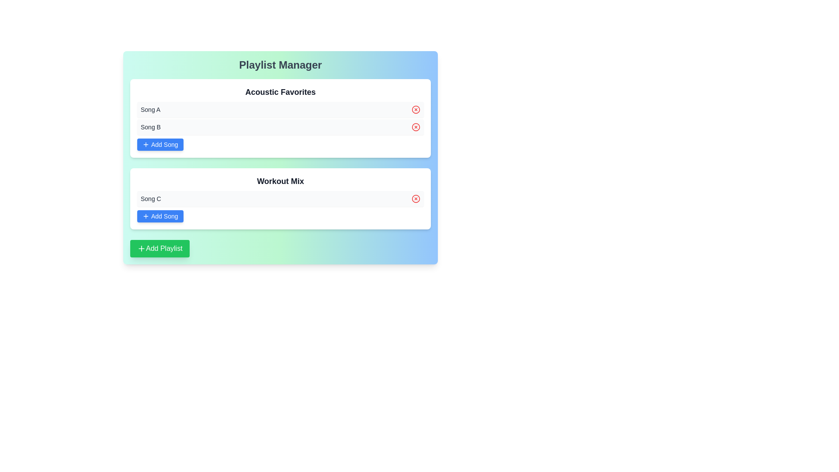  I want to click on the circular 'X' icon used to trigger the removal action for the playlist entry 'Song B' in the 'Acoustic Favorites' playlist, so click(415, 127).